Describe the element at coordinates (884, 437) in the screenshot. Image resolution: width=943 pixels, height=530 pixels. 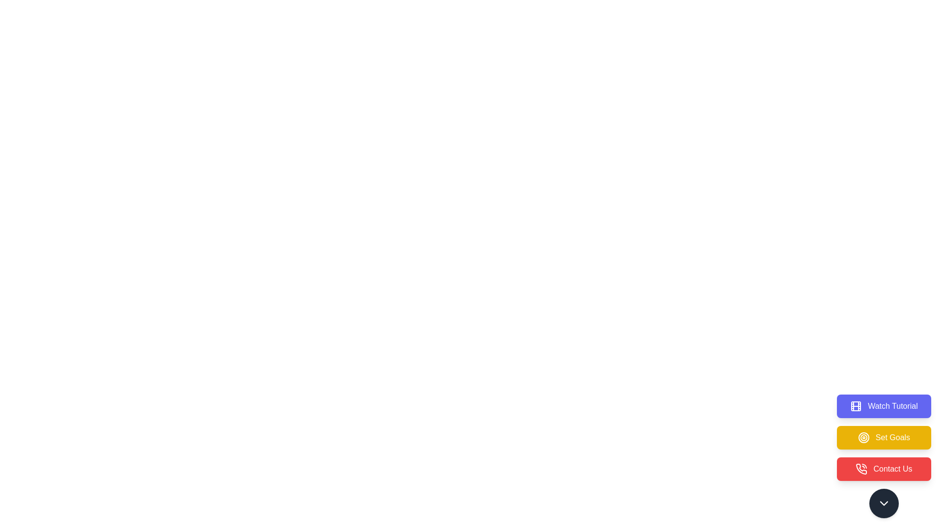
I see `the button labeled Set Goals to observe its hover effect` at that location.